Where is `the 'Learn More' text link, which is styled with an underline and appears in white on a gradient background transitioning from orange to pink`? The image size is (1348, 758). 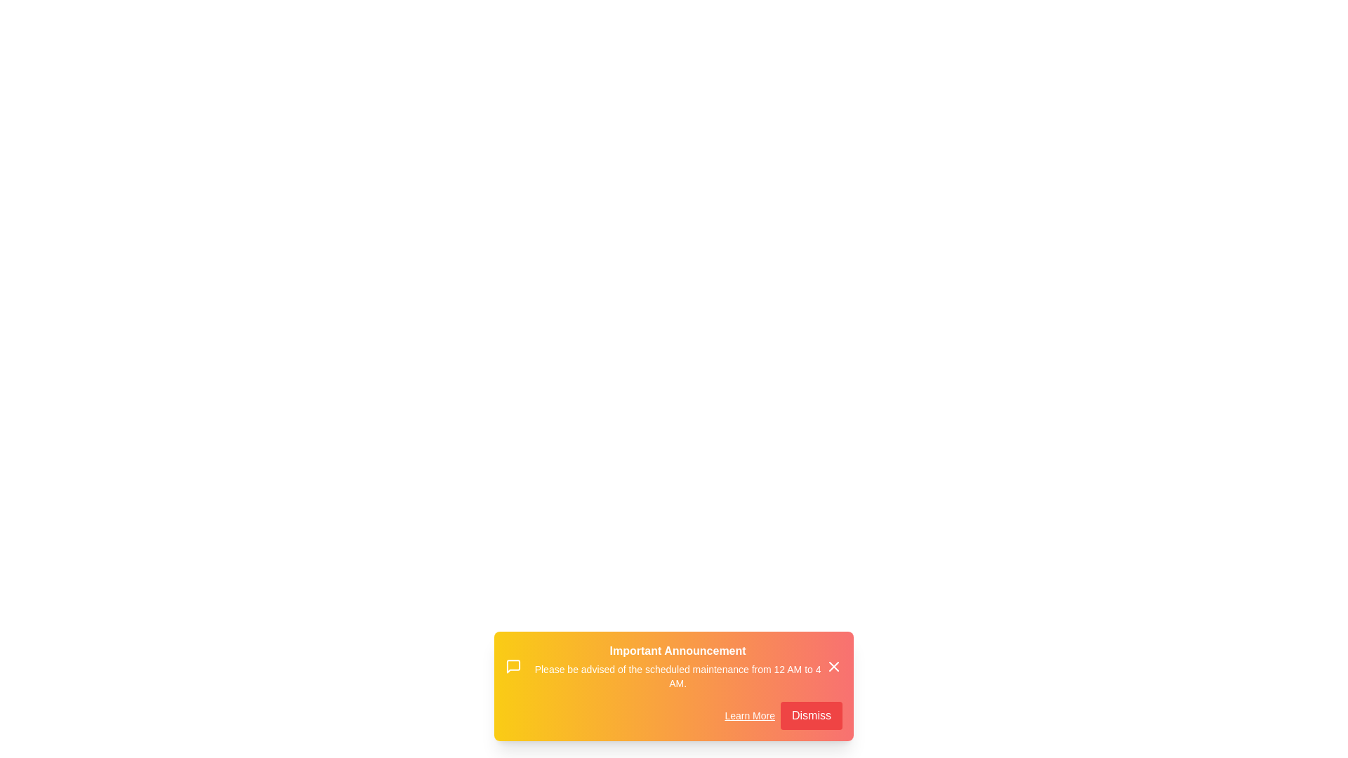 the 'Learn More' text link, which is styled with an underline and appears in white on a gradient background transitioning from orange to pink is located at coordinates (749, 715).